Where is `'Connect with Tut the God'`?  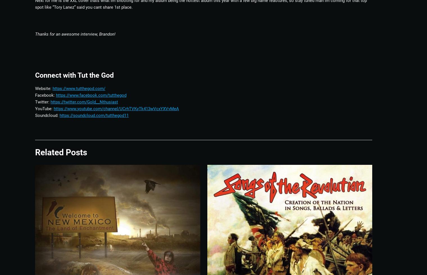
'Connect with Tut the God' is located at coordinates (74, 75).